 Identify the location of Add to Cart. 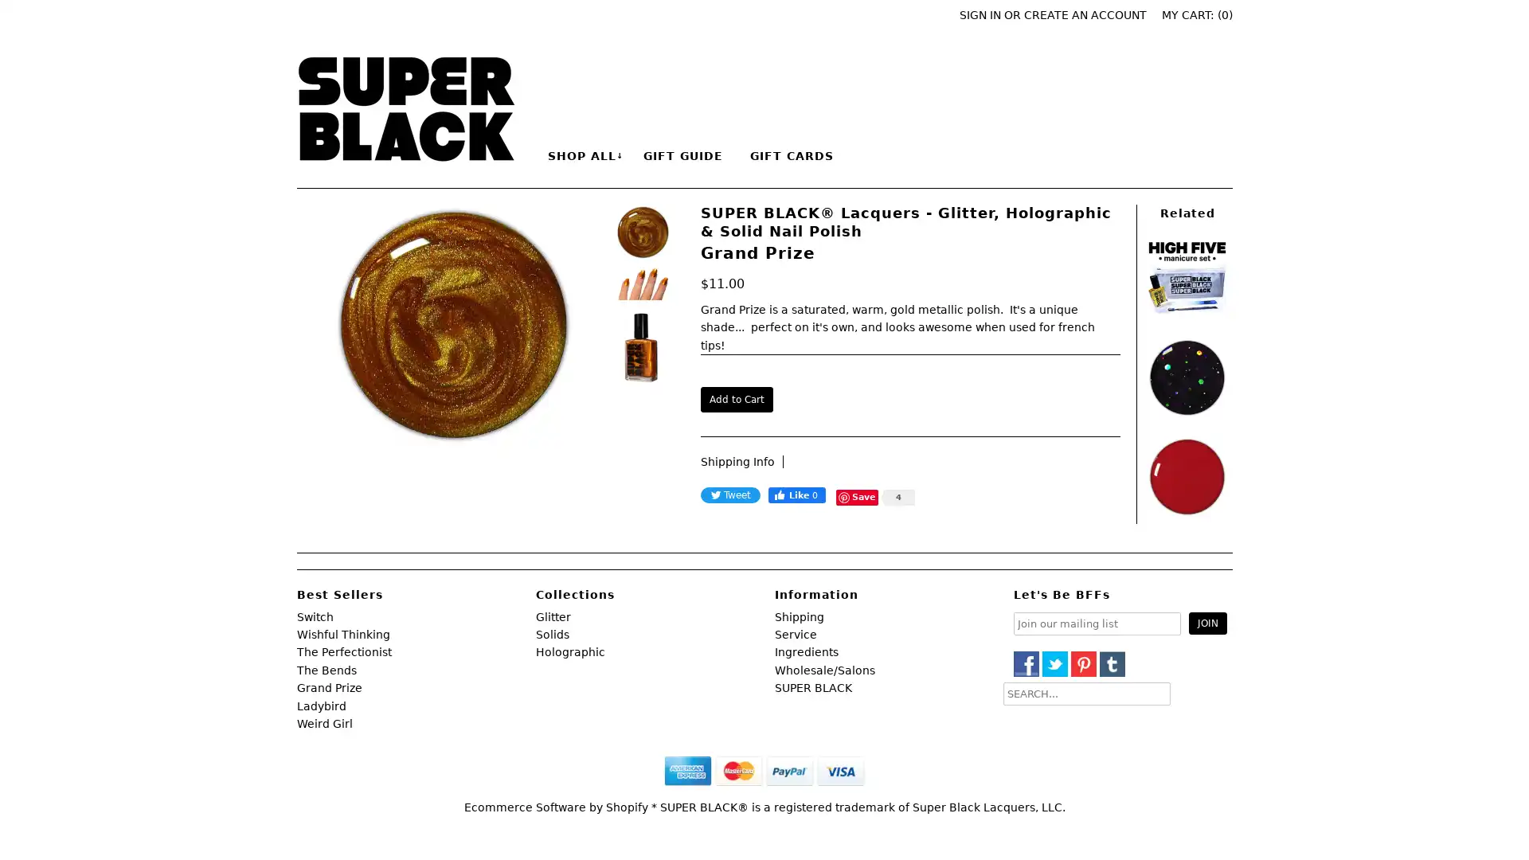
(735, 398).